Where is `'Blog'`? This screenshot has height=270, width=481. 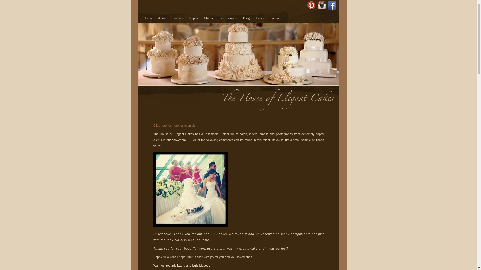
'Blog' is located at coordinates (243, 18).